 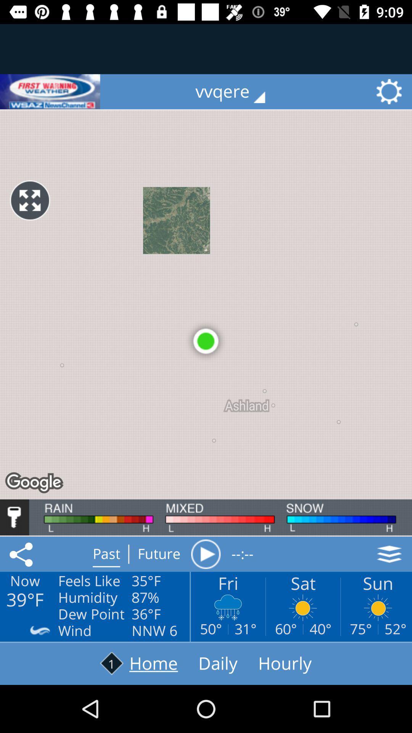 I want to click on the share icon, so click(x=22, y=554).